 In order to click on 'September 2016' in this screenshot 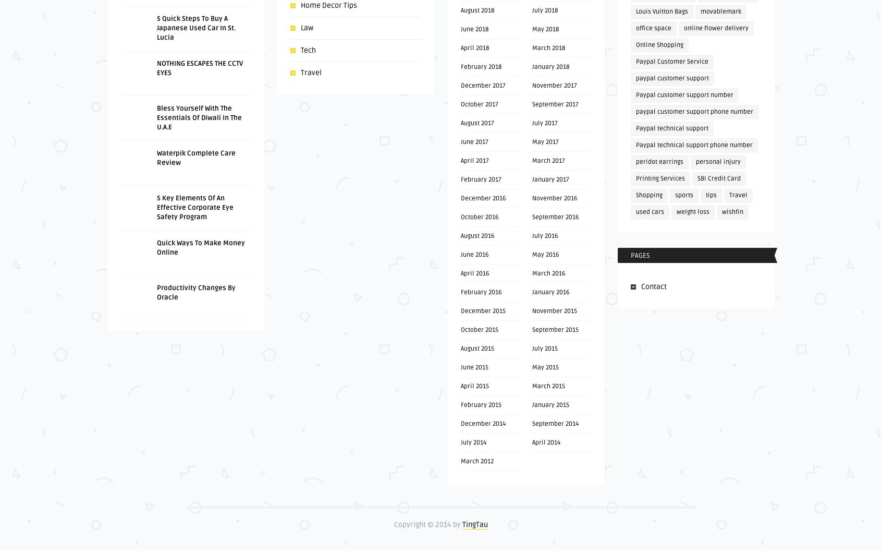, I will do `click(555, 217)`.